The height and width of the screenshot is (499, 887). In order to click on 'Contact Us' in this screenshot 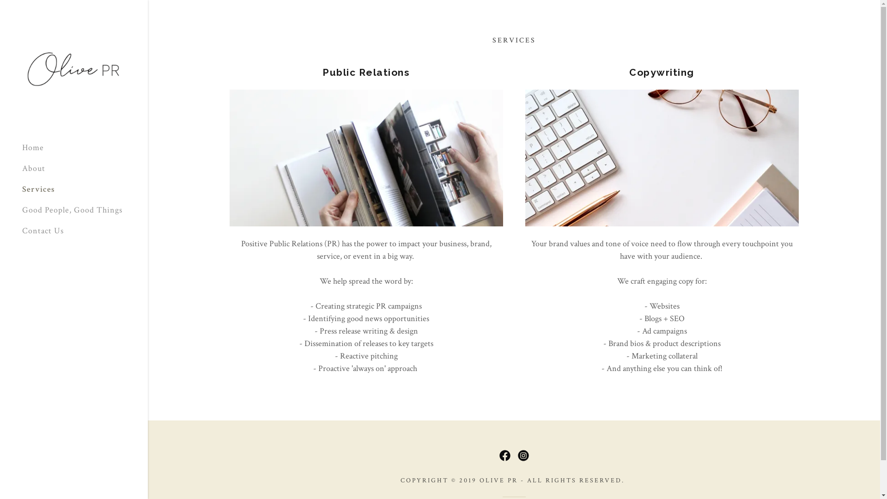, I will do `click(42, 230)`.